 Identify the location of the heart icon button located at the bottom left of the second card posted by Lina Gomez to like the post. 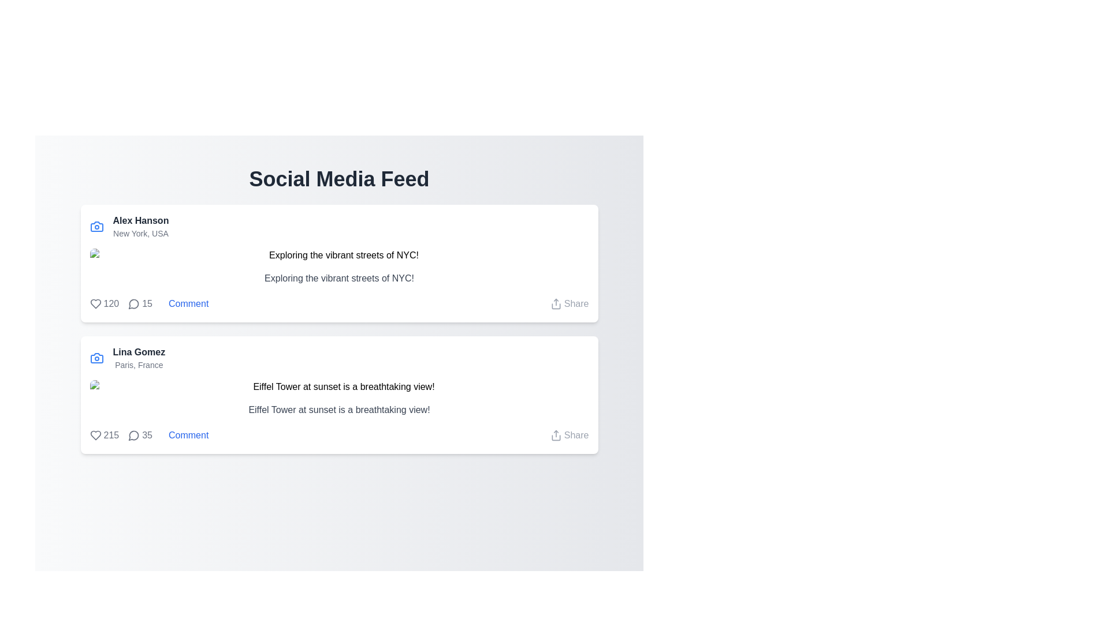
(95, 436).